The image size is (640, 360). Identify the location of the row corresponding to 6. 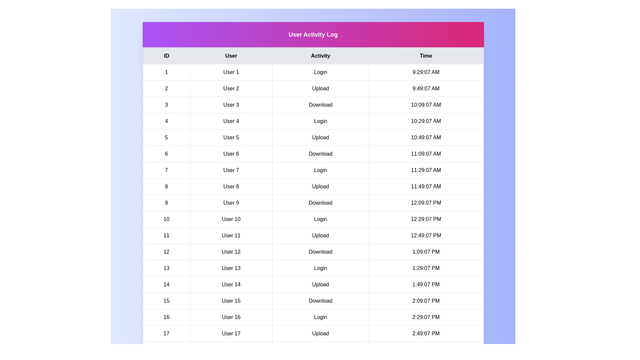
(313, 154).